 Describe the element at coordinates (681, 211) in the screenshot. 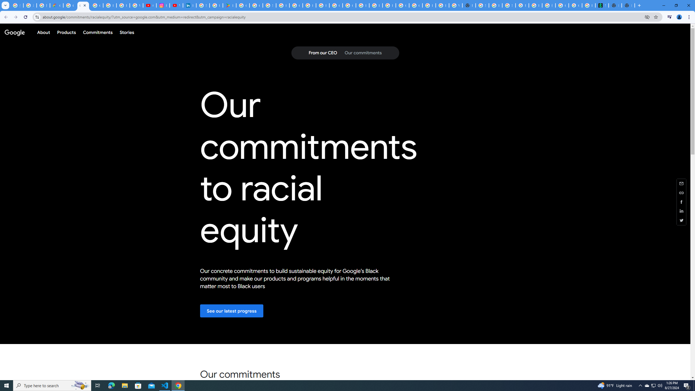

I see `'Share this page (LinkedIn)'` at that location.